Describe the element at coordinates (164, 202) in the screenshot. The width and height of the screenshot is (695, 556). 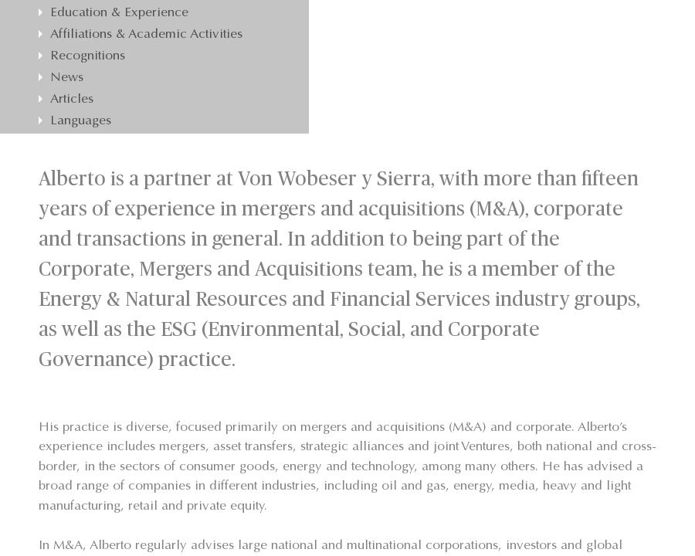
I see `'Von Wobeser y Sierra, S.C. announces two new Partners and new Of Counsel.'` at that location.